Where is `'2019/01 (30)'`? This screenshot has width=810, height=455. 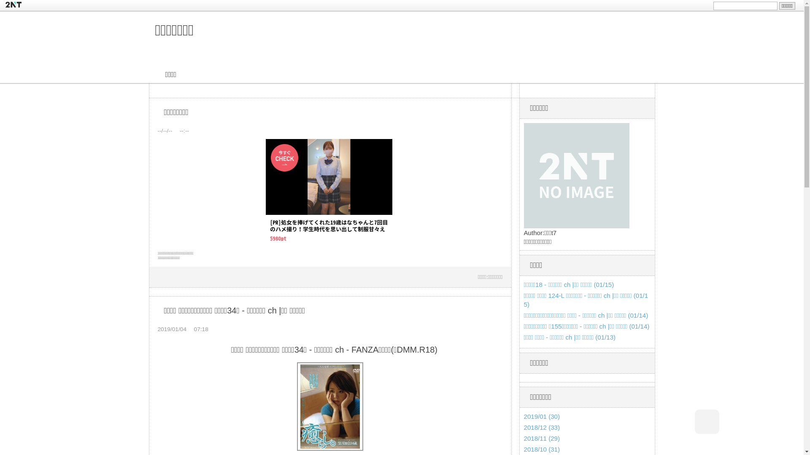
'2019/01 (30)' is located at coordinates (524, 416).